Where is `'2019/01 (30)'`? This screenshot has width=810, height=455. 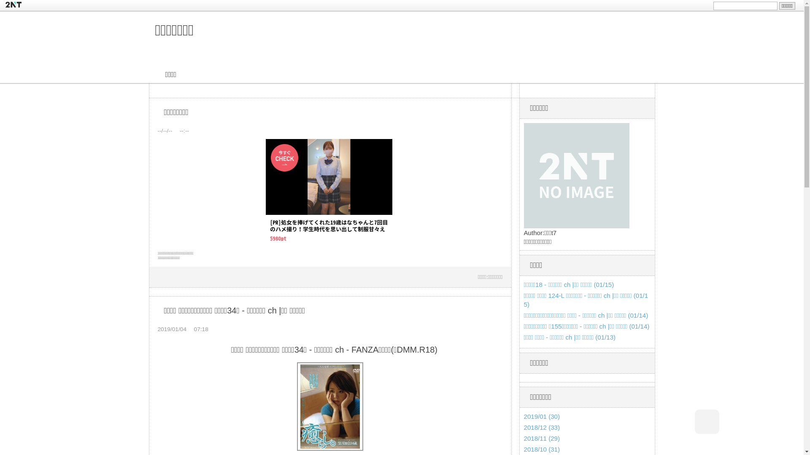
'2019/01 (30)' is located at coordinates (524, 416).